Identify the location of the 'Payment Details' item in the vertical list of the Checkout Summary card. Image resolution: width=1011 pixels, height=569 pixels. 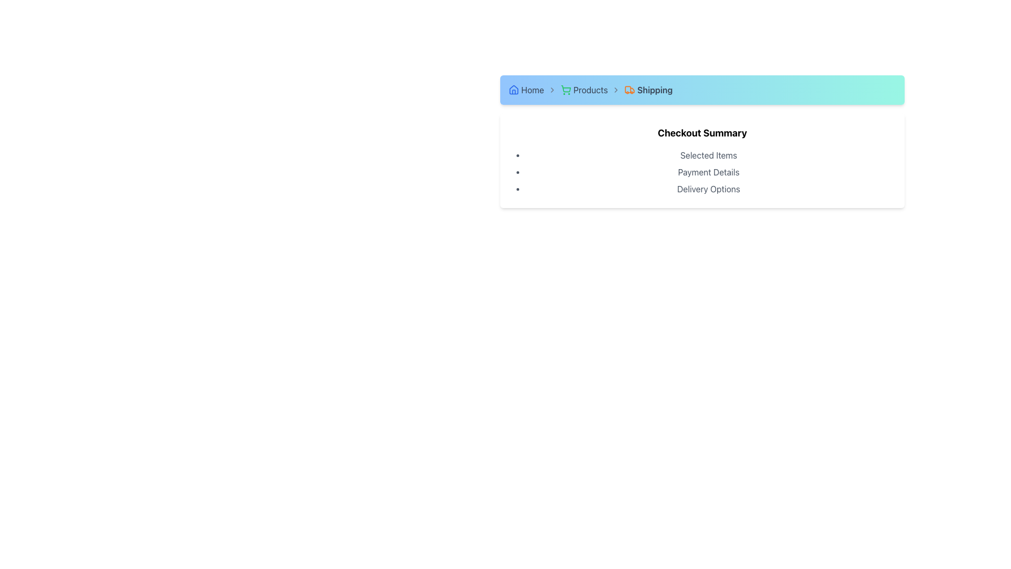
(702, 172).